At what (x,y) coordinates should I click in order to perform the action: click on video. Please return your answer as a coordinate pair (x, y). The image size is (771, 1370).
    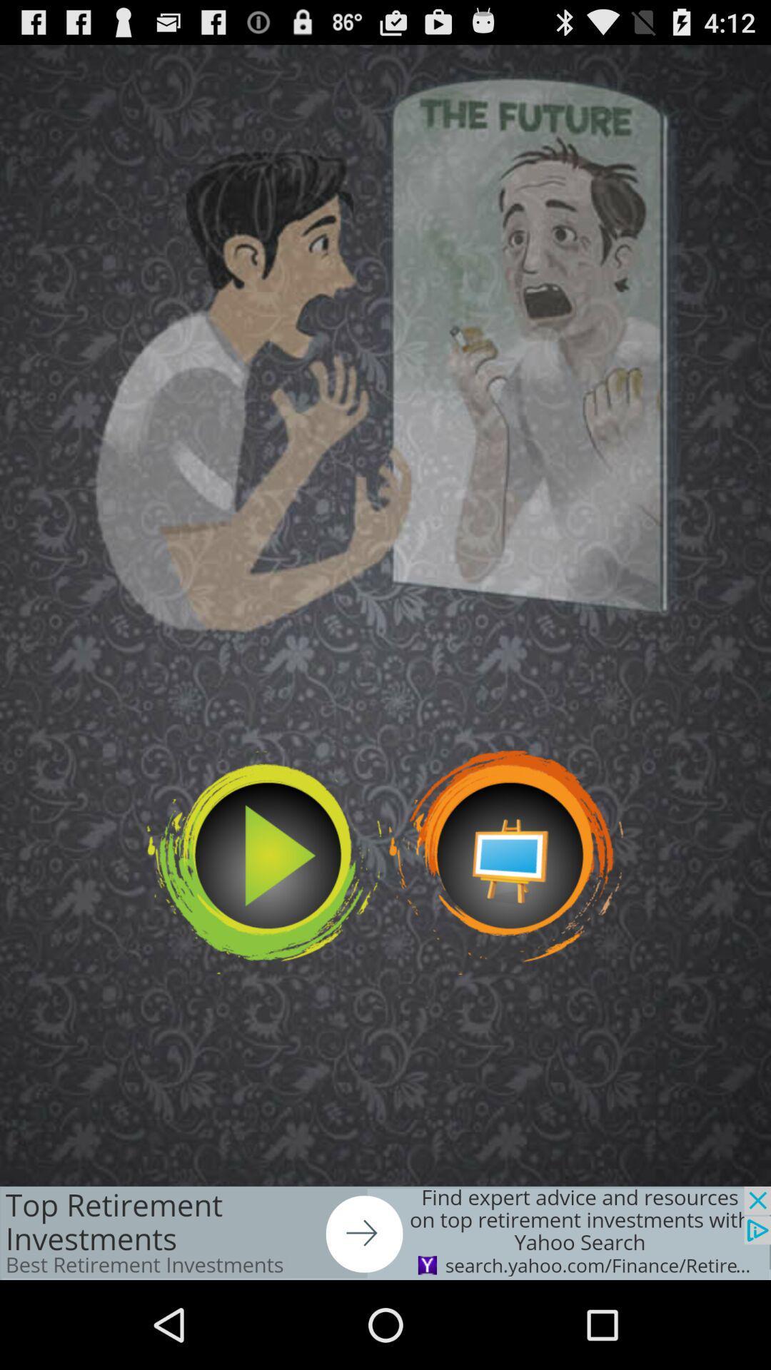
    Looking at the image, I should click on (264, 862).